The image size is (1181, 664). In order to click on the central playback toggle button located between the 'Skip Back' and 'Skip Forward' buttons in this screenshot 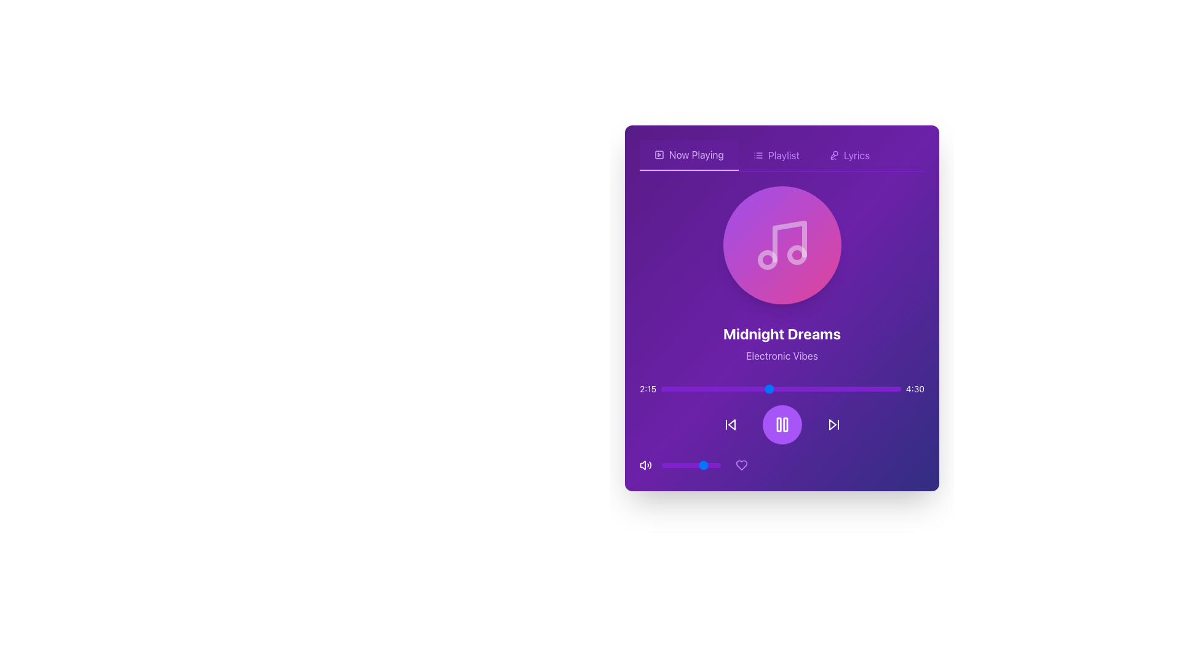, I will do `click(781, 424)`.